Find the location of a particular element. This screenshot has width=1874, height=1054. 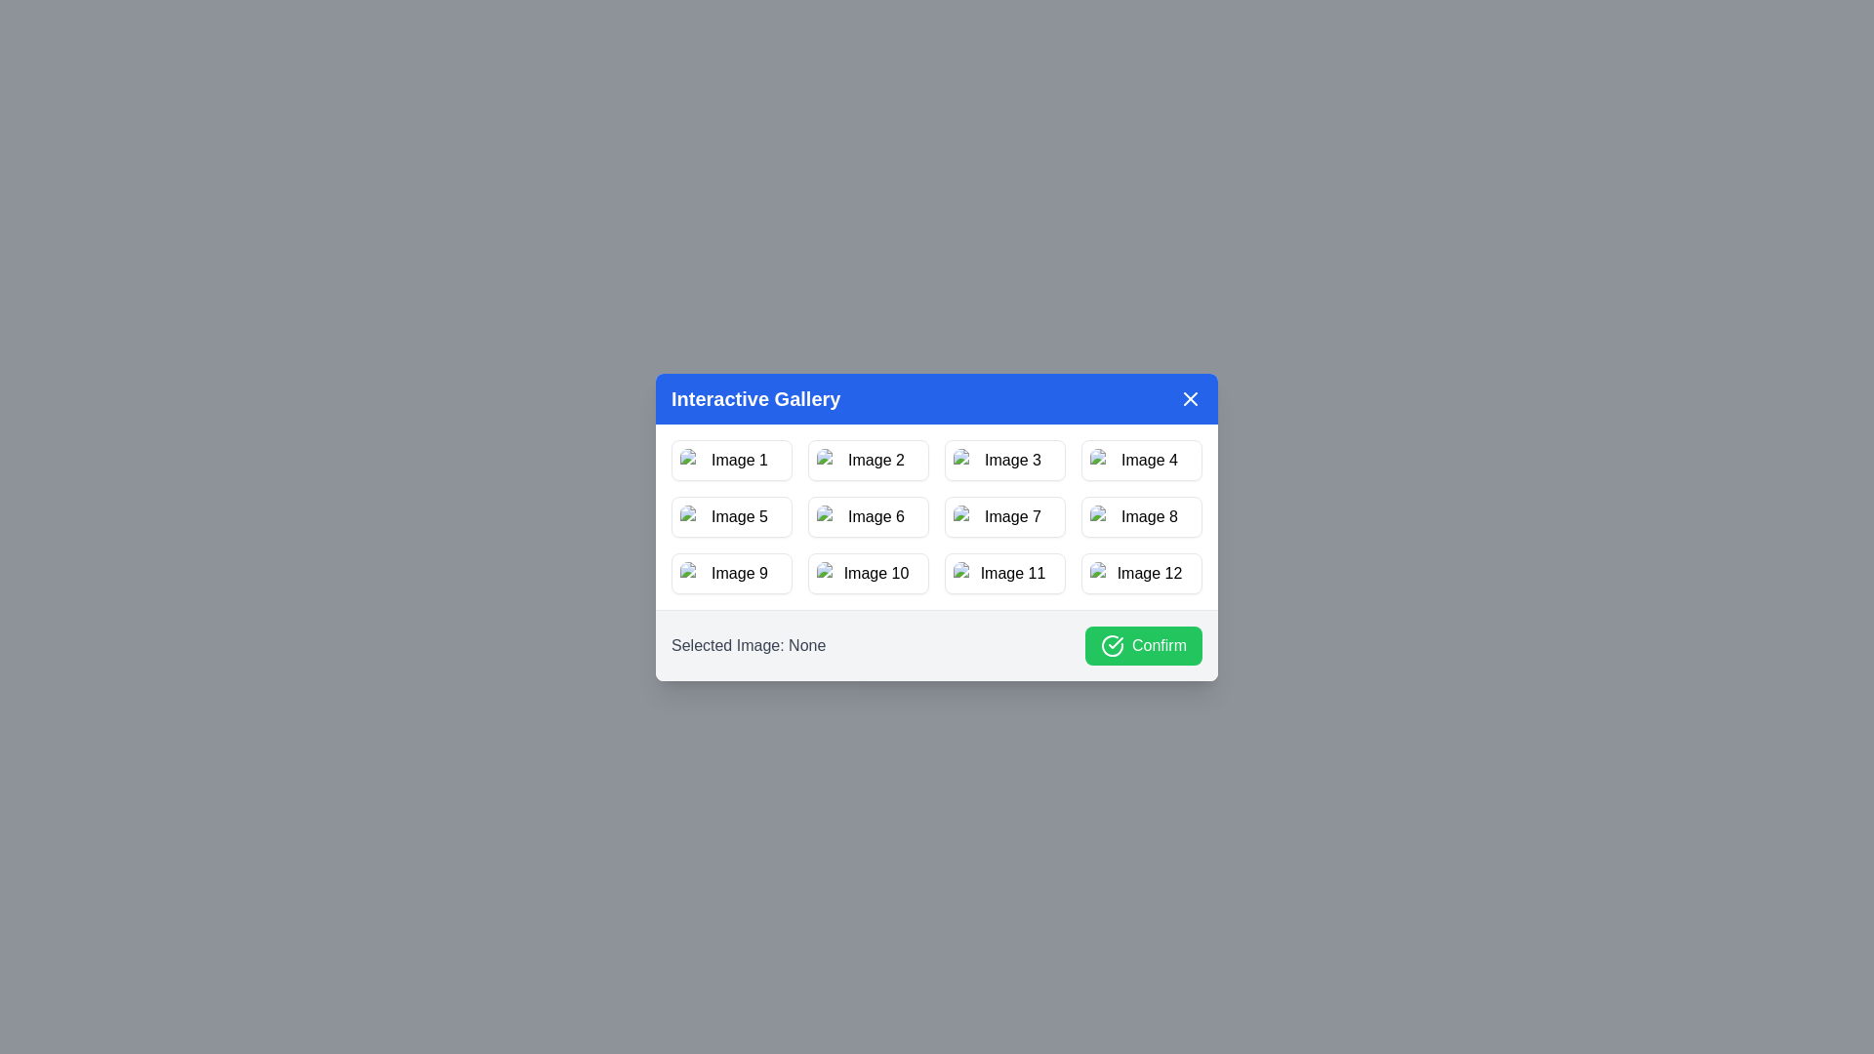

the 'Confirm' button to confirm the selected image is located at coordinates (1143, 645).